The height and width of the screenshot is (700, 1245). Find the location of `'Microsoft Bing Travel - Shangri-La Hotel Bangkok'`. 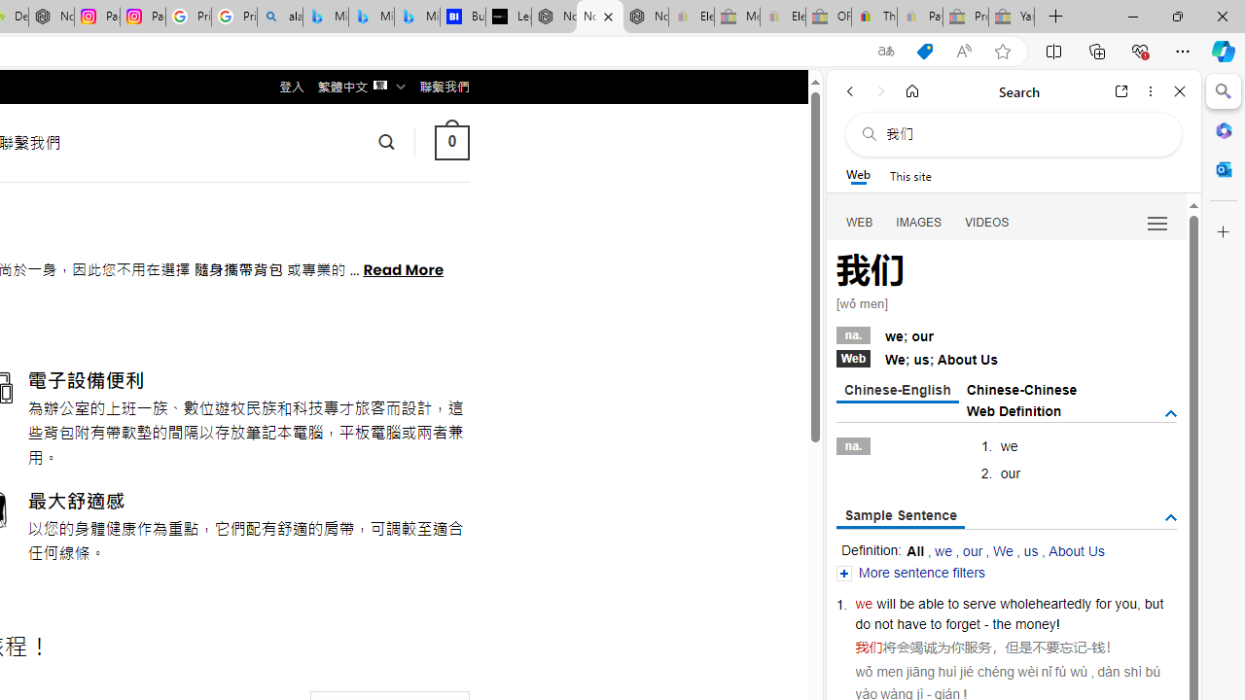

'Microsoft Bing Travel - Shangri-La Hotel Bangkok' is located at coordinates (415, 17).